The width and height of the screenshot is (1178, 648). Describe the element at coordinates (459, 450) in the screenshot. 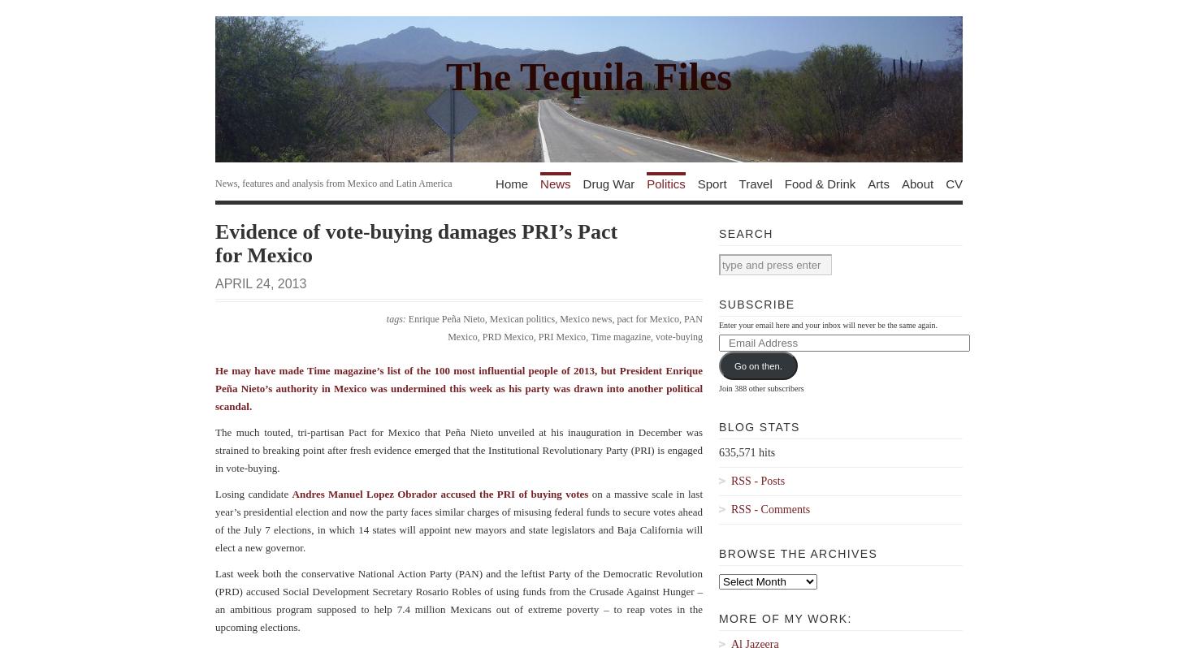

I see `'The much touted, tri-partisan Pact for Mexico that Peña Nieto unveiled at his inauguration in December was strained to breaking point after fresh evidence emerged that the Institutional Revolutionary Party (PRI) is engaged in vote-buying.'` at that location.